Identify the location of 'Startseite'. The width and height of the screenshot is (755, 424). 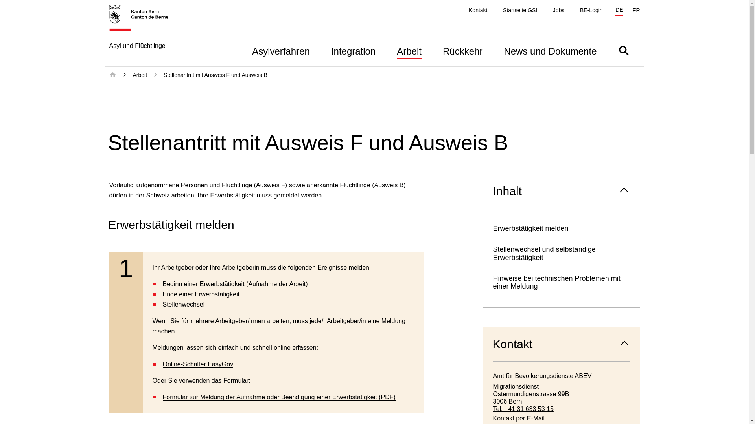
(112, 75).